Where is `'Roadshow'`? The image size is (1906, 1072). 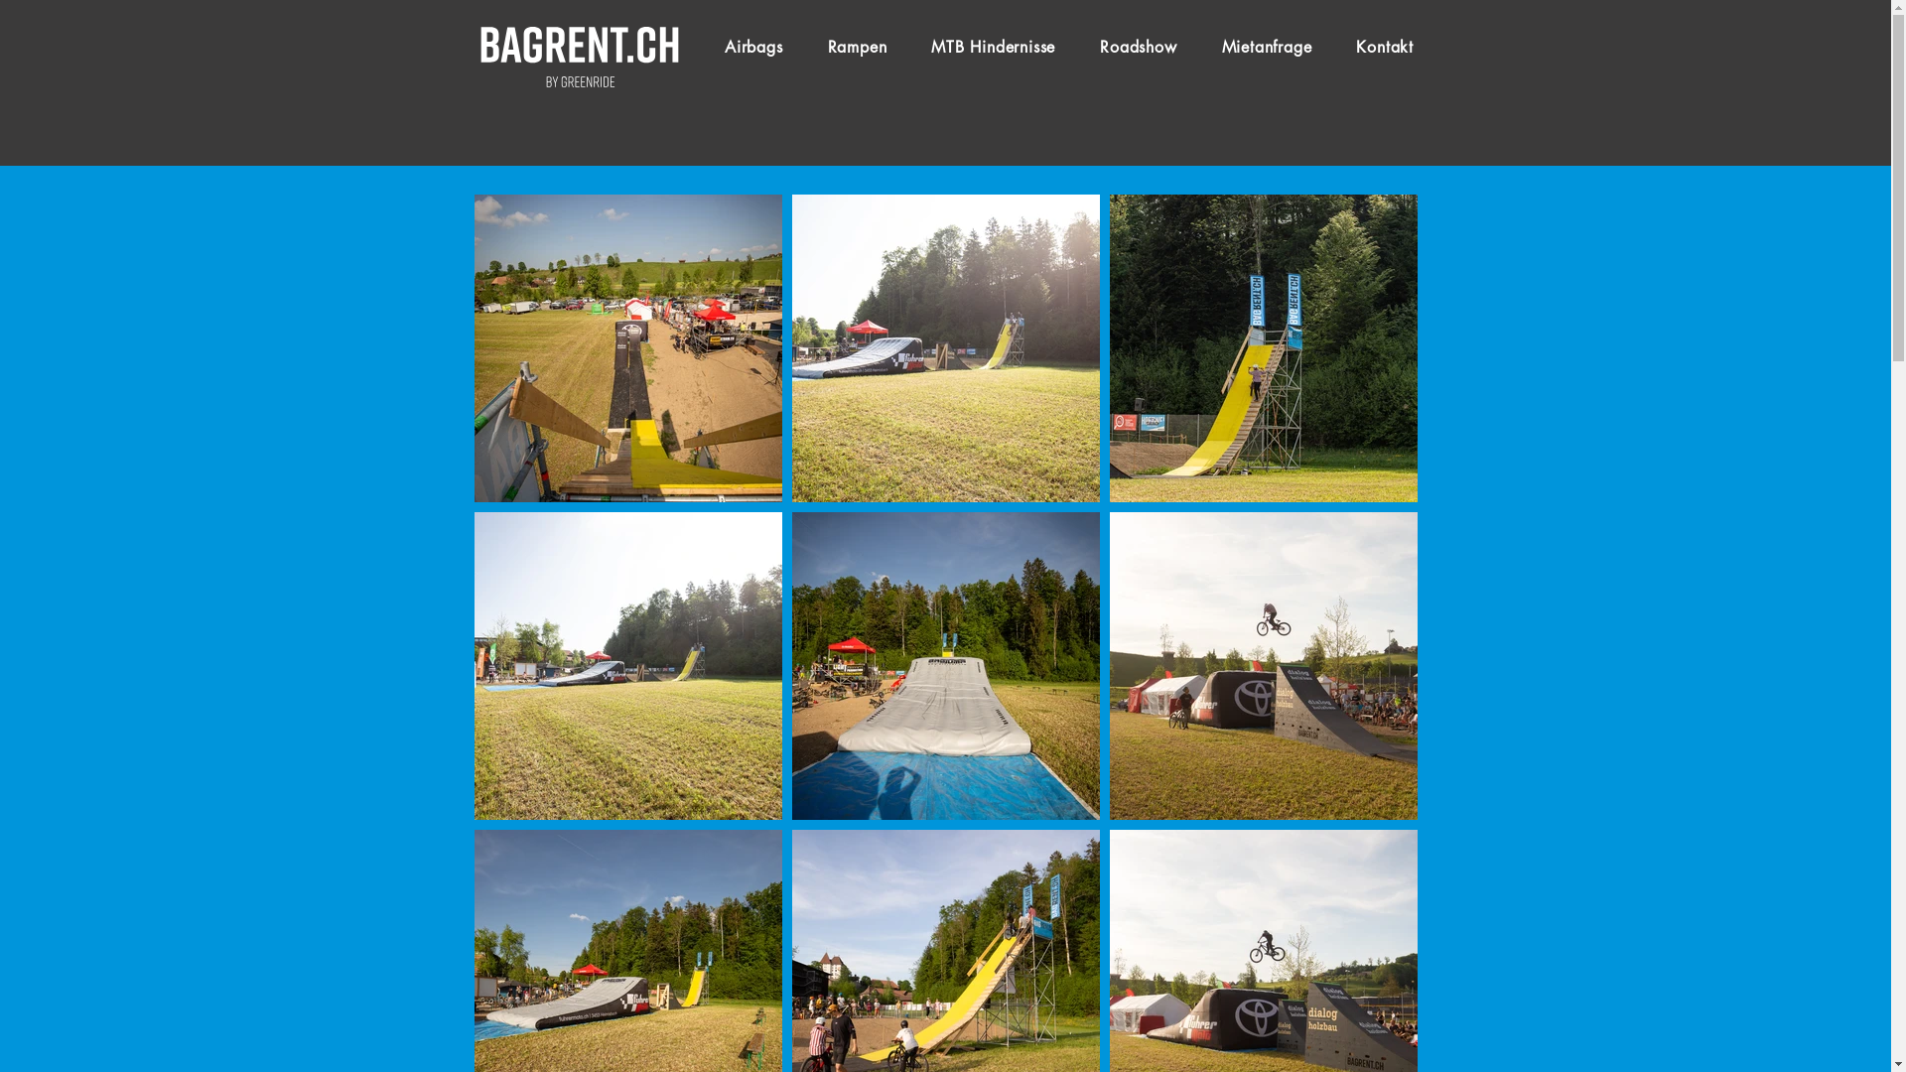 'Roadshow' is located at coordinates (1139, 46).